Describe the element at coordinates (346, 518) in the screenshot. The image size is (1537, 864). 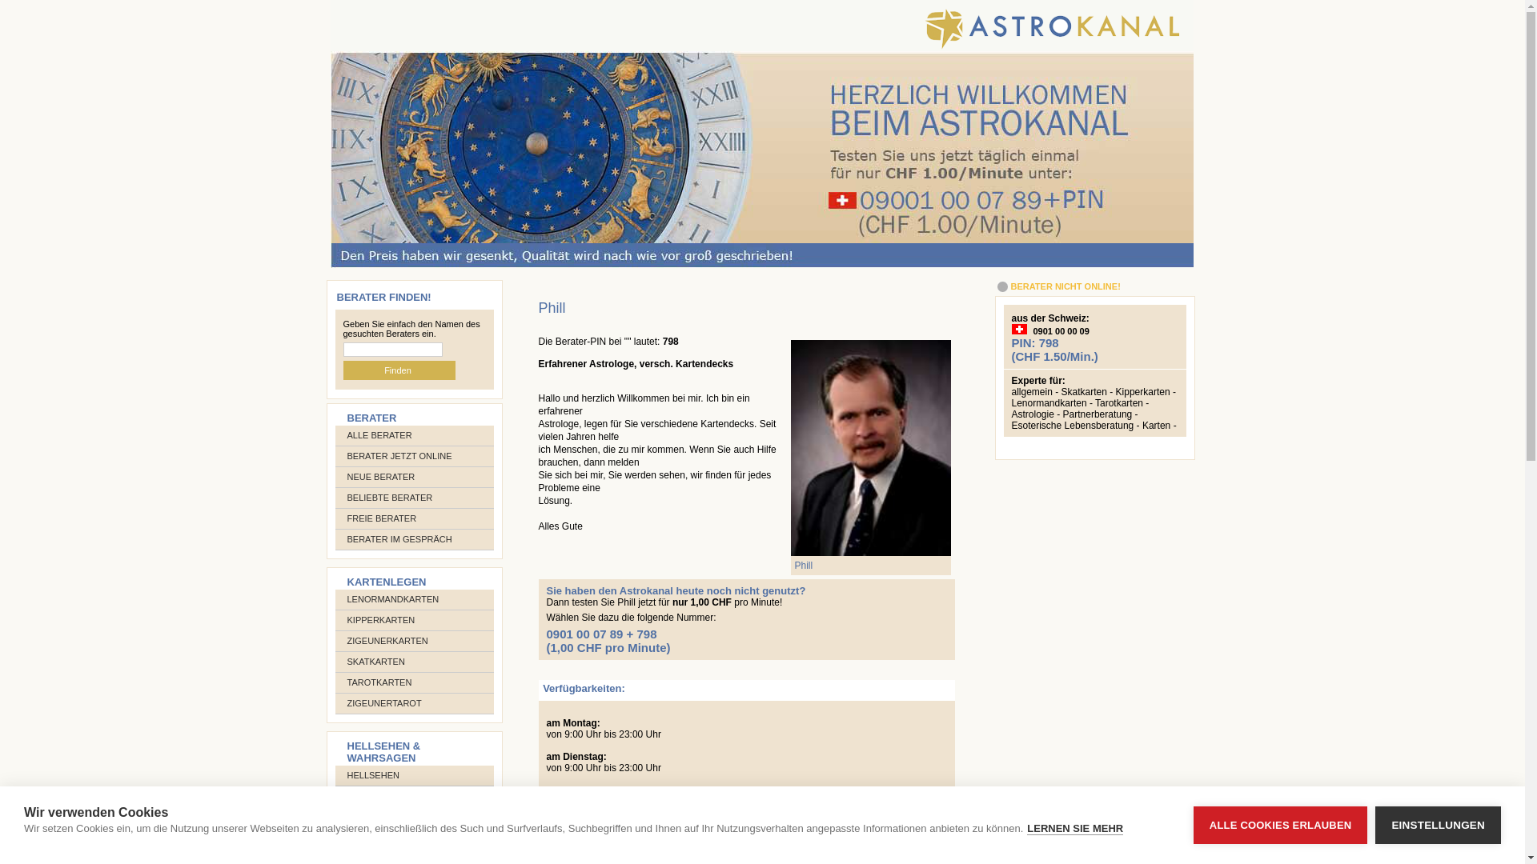
I see `'FREIE BERATER'` at that location.